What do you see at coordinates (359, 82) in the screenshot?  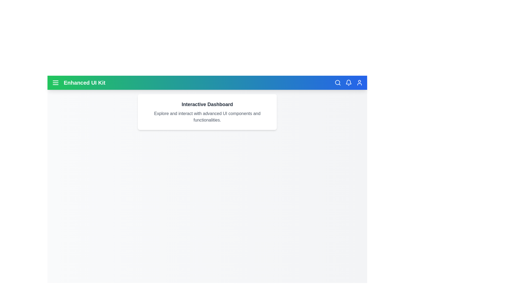 I see `the user icon to access user options` at bounding box center [359, 82].